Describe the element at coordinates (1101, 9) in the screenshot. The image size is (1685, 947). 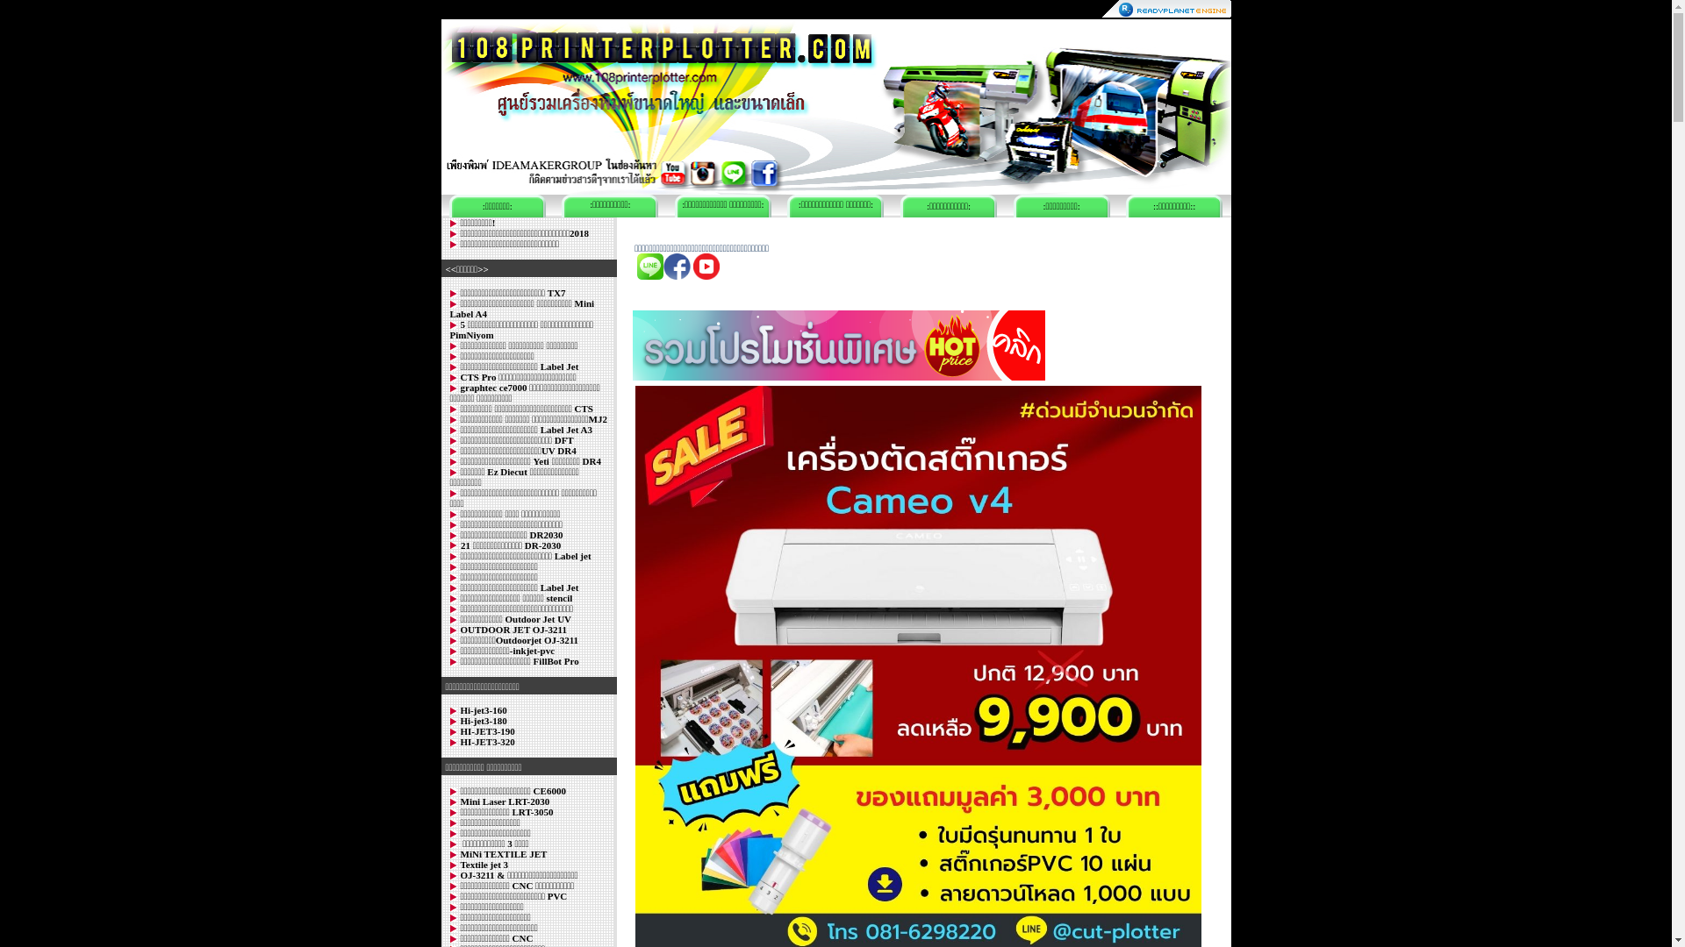
I see `'ReadyPlanet.com'` at that location.